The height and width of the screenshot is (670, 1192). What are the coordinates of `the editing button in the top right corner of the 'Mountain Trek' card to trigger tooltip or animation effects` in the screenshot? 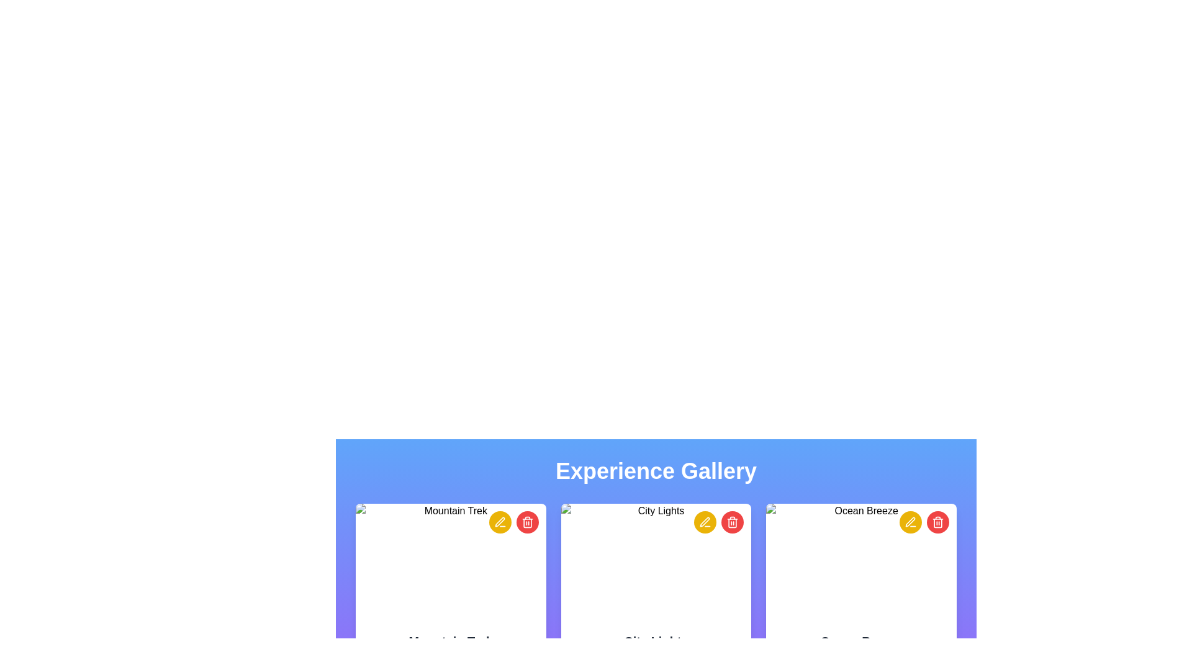 It's located at (500, 522).